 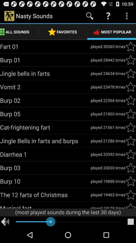 I want to click on star article, so click(x=130, y=127).